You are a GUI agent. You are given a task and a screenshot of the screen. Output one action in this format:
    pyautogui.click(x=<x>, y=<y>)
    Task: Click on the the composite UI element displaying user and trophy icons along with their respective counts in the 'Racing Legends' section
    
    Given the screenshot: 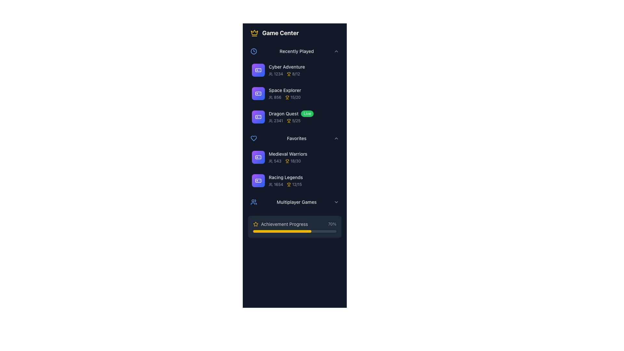 What is the action you would take?
    pyautogui.click(x=303, y=184)
    